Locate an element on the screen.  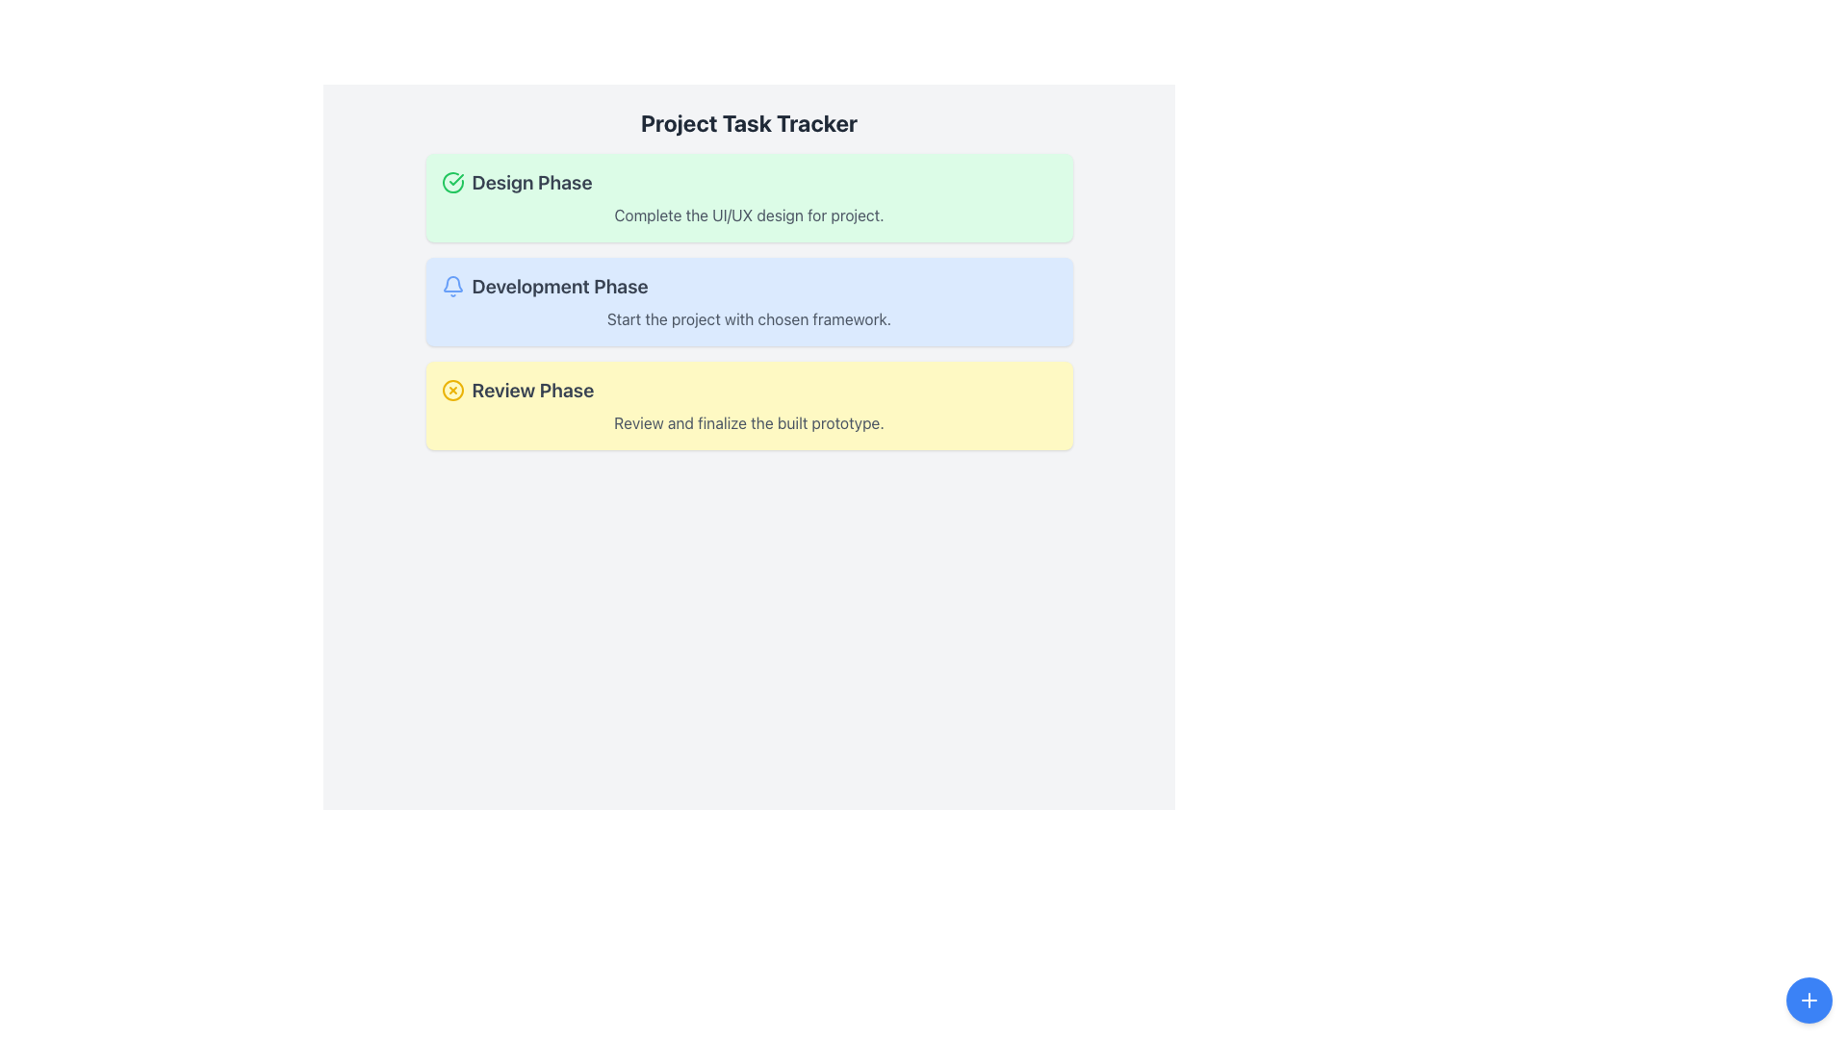
the Text Label displaying 'Development Phase', which is styled in a bold, large font with dark gray color on a light blue background, located in the second task block is located at coordinates (559, 286).